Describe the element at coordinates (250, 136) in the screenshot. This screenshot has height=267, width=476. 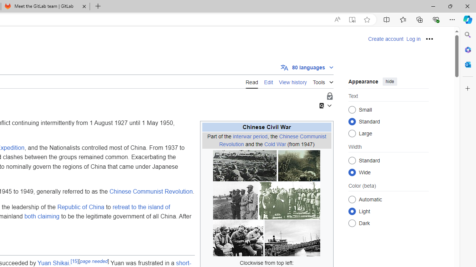
I see `'interwar period'` at that location.